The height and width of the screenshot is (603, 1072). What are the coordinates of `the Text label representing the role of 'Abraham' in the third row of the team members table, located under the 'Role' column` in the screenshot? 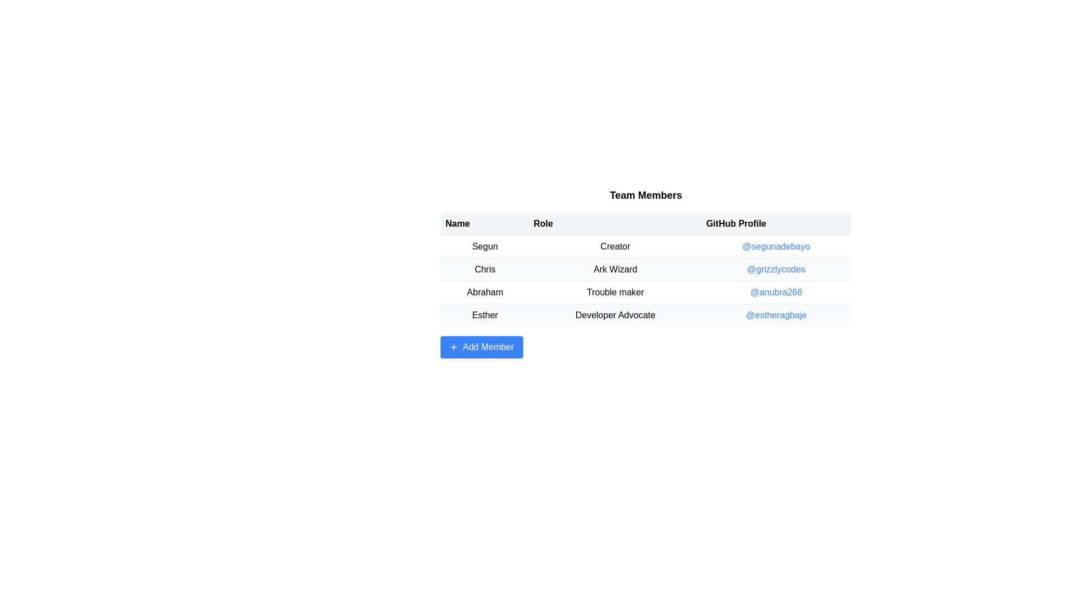 It's located at (615, 292).